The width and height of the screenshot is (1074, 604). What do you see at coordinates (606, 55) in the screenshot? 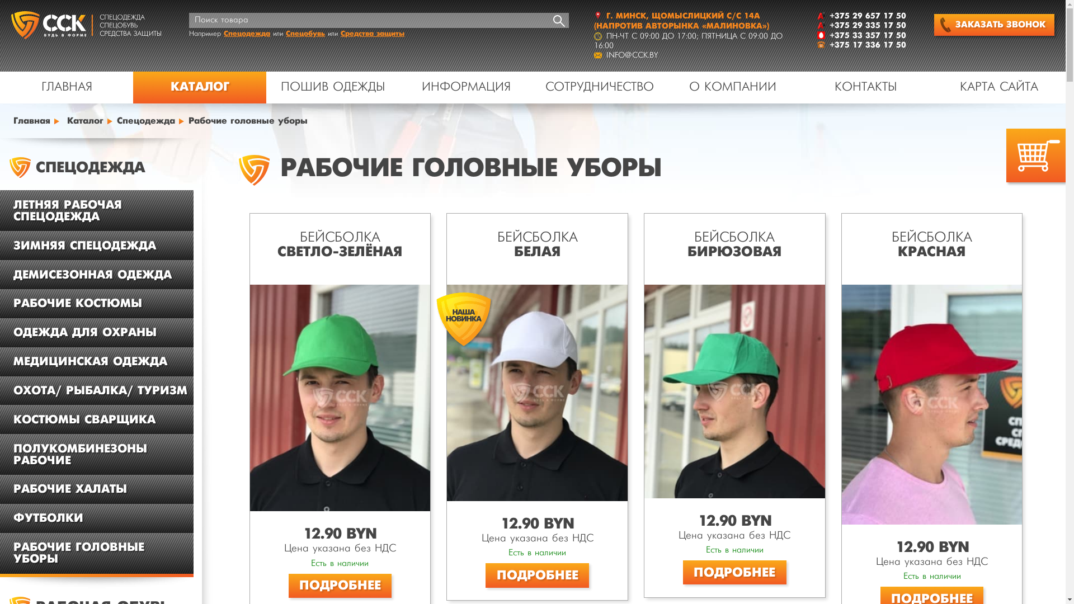
I see `'INFO@CCK.BY'` at bounding box center [606, 55].